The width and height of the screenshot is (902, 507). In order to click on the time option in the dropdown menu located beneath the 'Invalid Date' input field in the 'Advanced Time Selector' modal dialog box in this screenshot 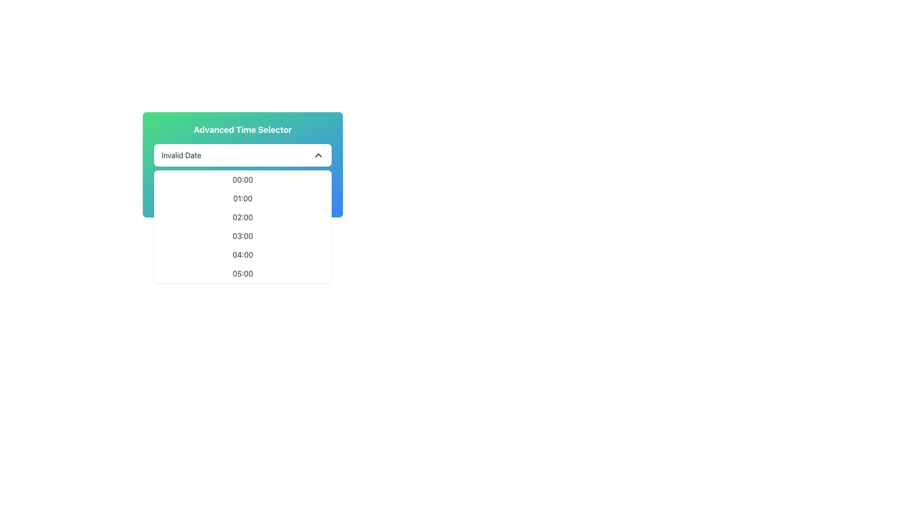, I will do `click(243, 207)`.